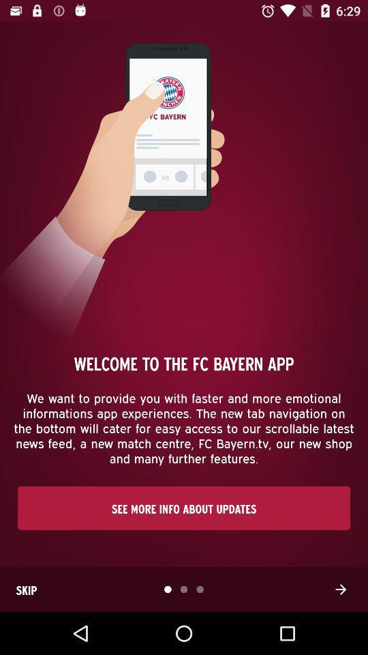 This screenshot has height=655, width=368. I want to click on the item to the right of skip, so click(340, 589).